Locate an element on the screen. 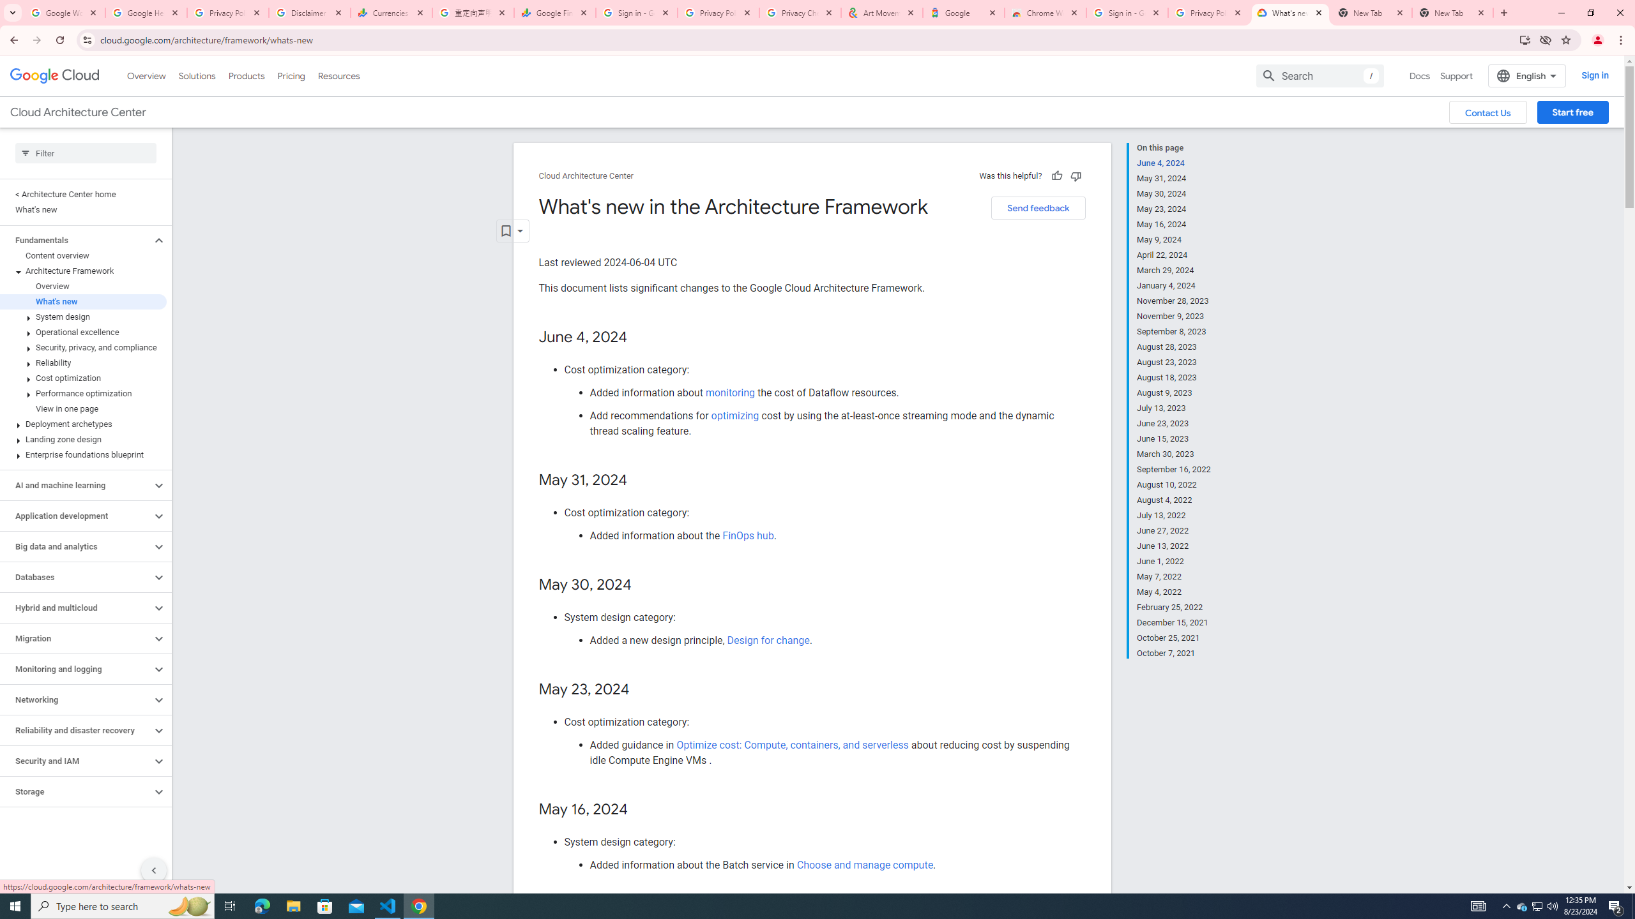 The image size is (1635, 919). 'August 10, 2022' is located at coordinates (1174, 484).